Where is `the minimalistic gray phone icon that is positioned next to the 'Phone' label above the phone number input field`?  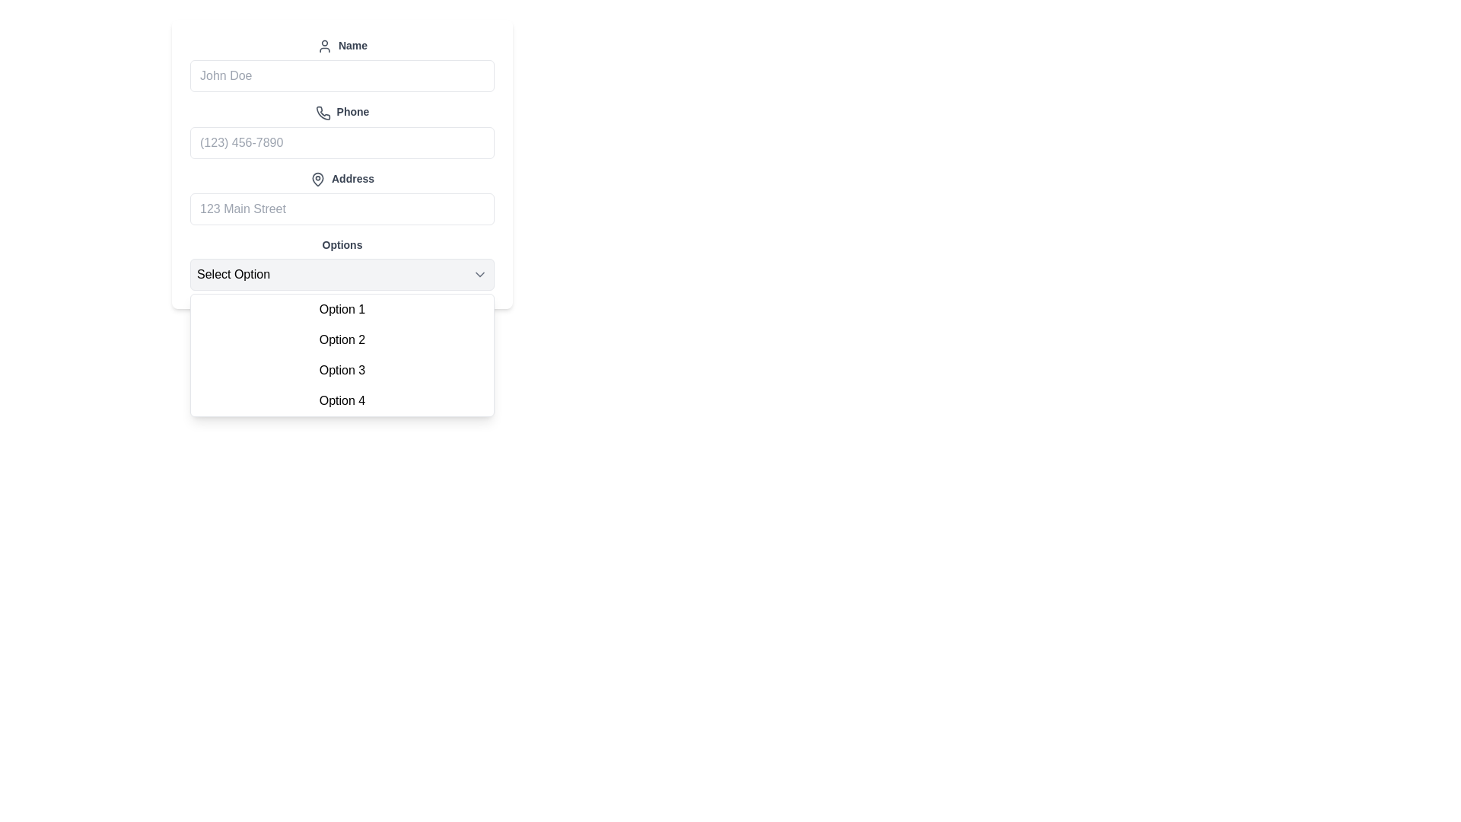
the minimalistic gray phone icon that is positioned next to the 'Phone' label above the phone number input field is located at coordinates (322, 112).